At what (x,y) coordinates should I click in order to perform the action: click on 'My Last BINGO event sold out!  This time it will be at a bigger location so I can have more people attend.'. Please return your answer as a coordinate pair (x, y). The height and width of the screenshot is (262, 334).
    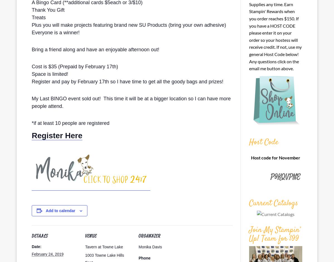
    Looking at the image, I should click on (131, 102).